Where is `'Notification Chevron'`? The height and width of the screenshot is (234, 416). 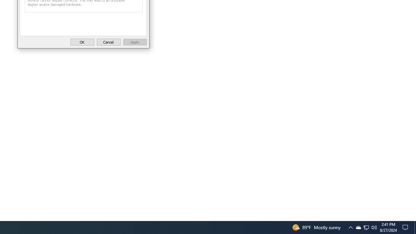 'Notification Chevron' is located at coordinates (358, 227).